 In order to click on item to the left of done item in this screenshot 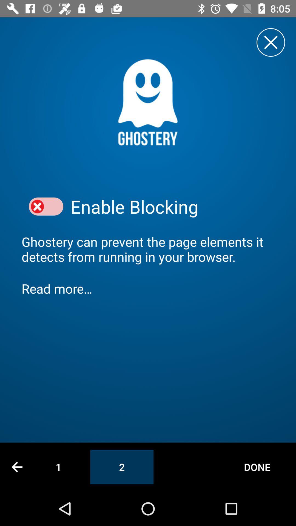, I will do `click(121, 467)`.